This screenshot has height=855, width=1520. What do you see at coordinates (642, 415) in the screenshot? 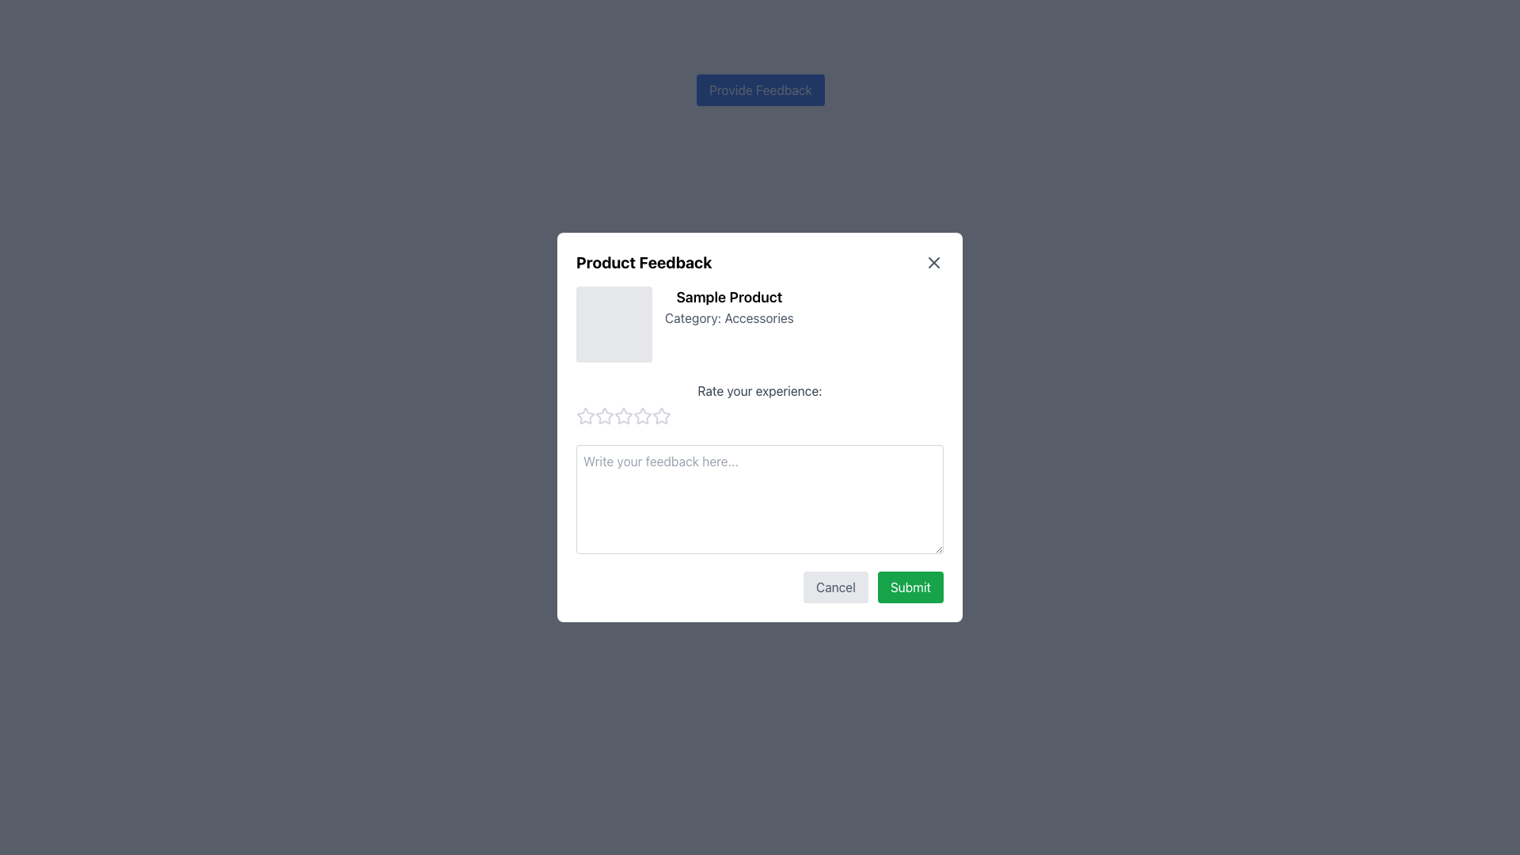
I see `the fifth star icon in the star rating tool` at bounding box center [642, 415].